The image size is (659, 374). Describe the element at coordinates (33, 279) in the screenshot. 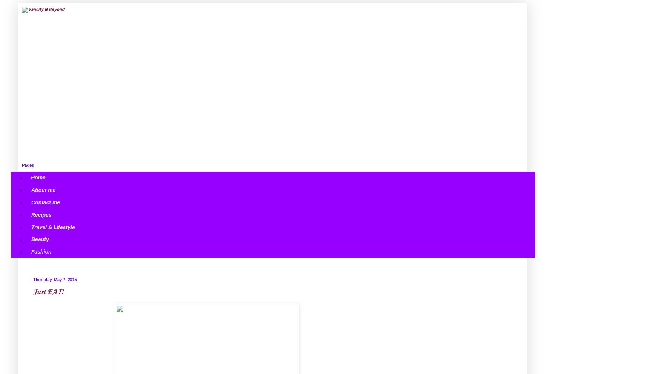

I see `'Thursday, May 7, 2015'` at that location.